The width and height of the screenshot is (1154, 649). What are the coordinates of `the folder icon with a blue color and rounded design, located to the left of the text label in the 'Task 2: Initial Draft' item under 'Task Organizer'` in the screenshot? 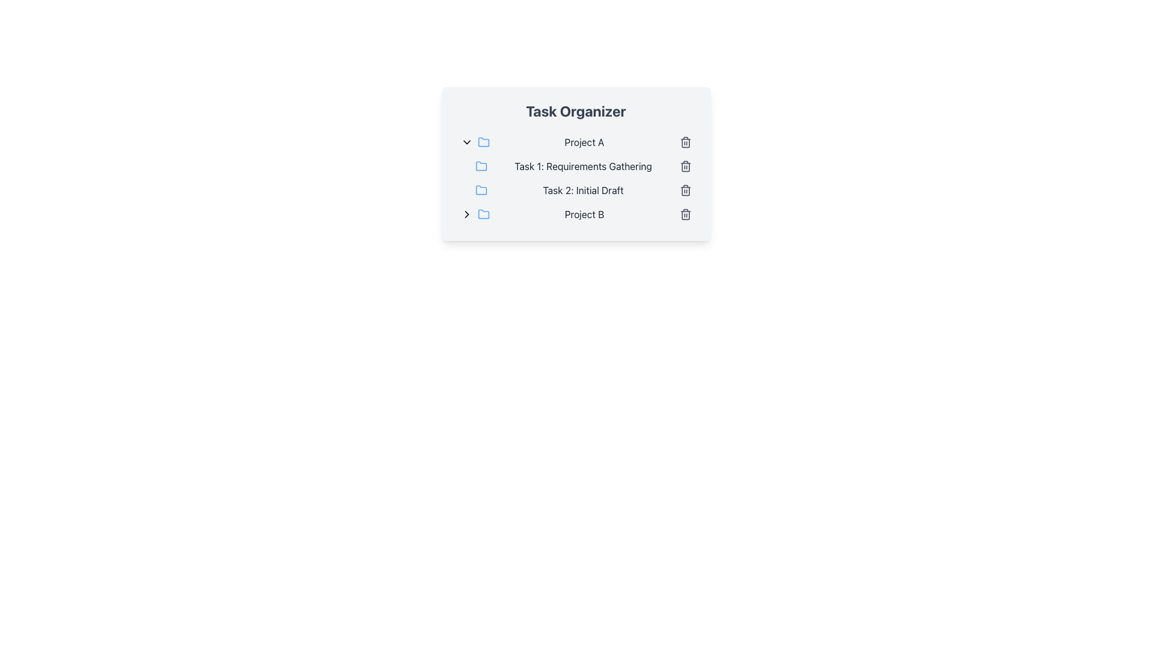 It's located at (481, 189).